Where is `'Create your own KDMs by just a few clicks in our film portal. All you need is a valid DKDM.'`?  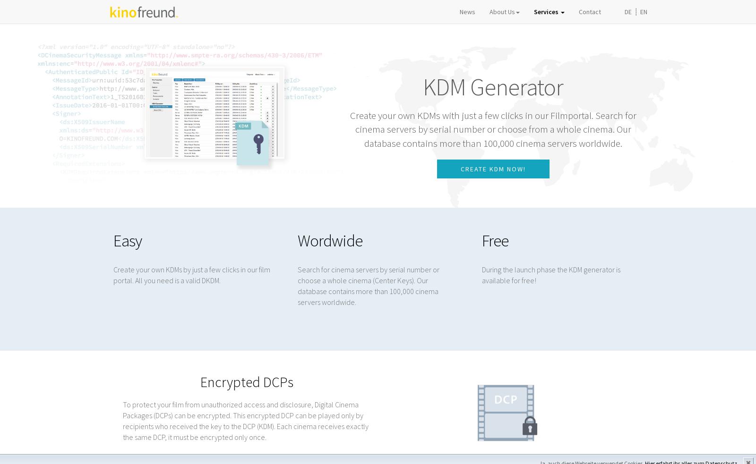 'Create your own KDMs by just a few clicks in our film portal. All you need is a valid DKDM.' is located at coordinates (191, 275).